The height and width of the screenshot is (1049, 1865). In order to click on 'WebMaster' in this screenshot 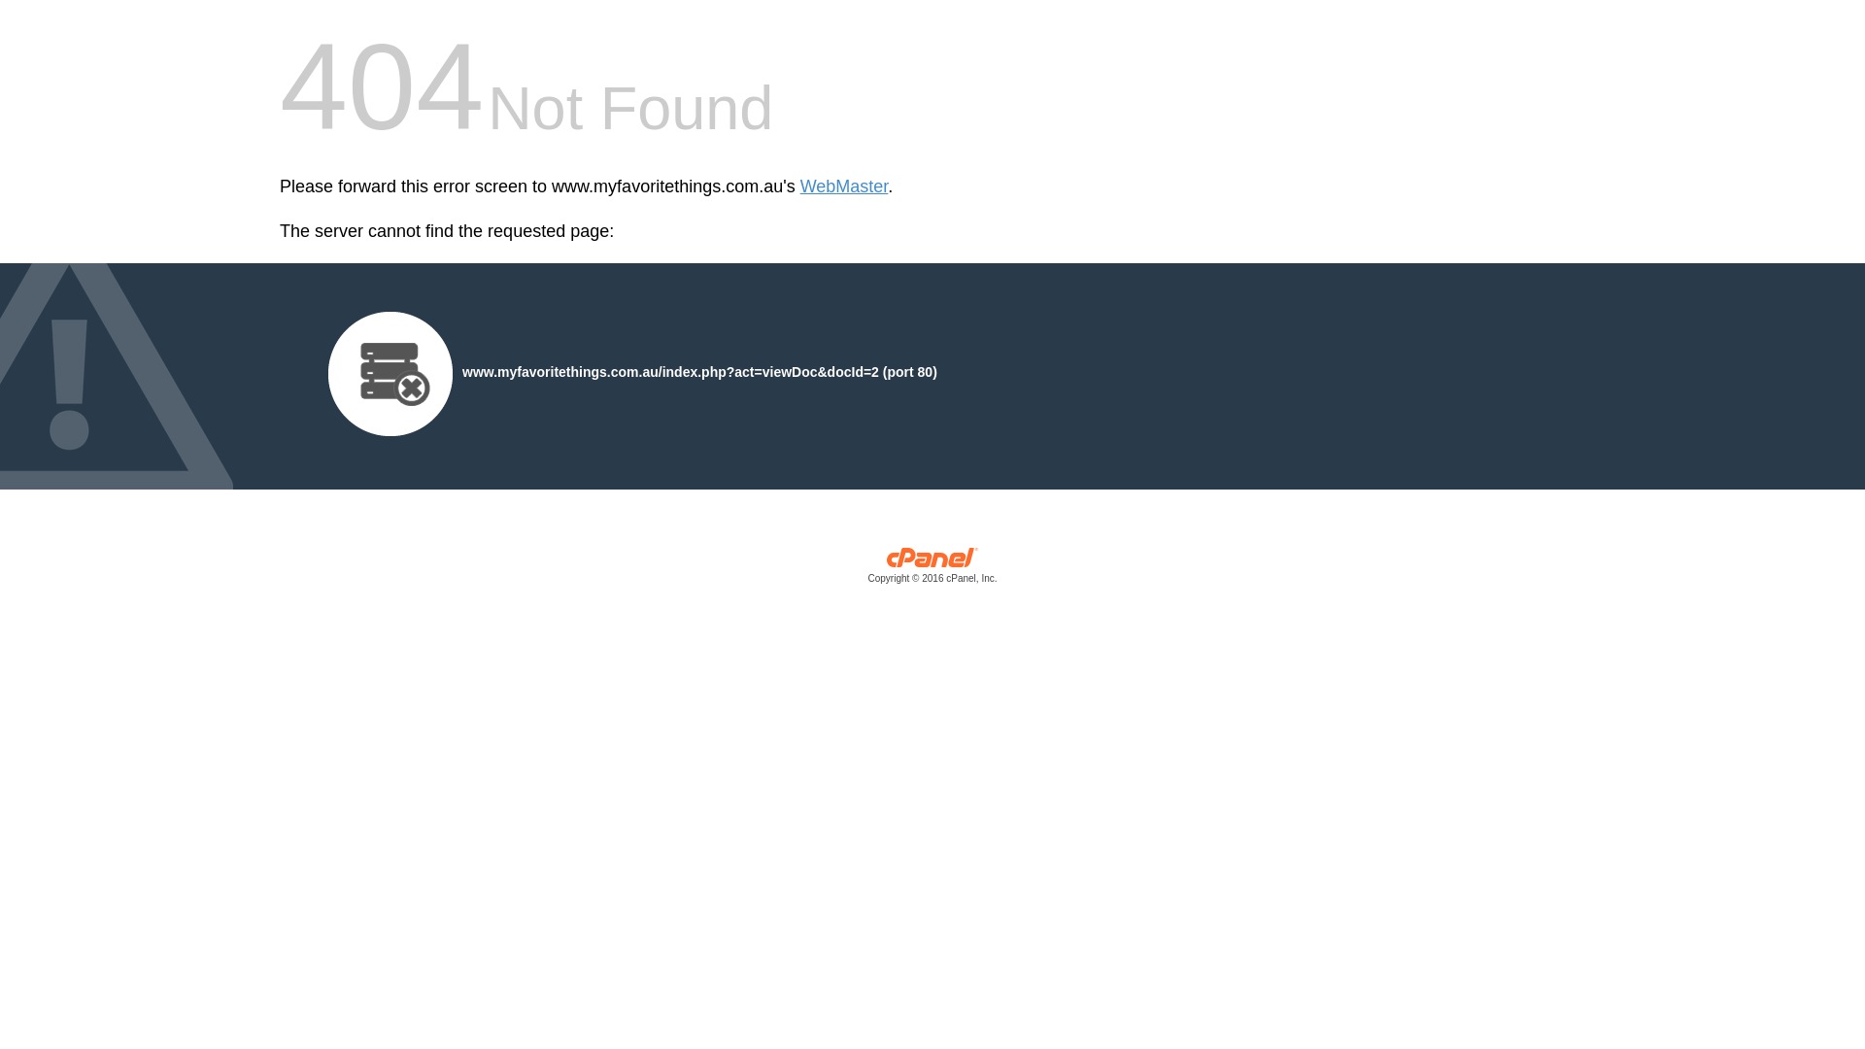, I will do `click(844, 186)`.